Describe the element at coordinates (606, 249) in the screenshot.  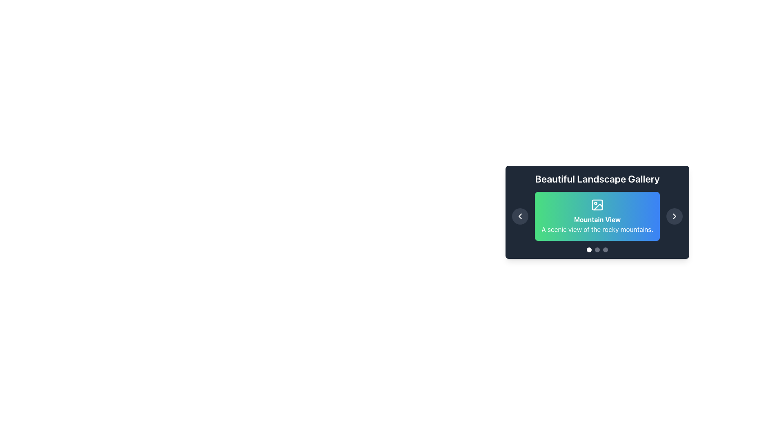
I see `the third navigation dot in the carousel` at that location.